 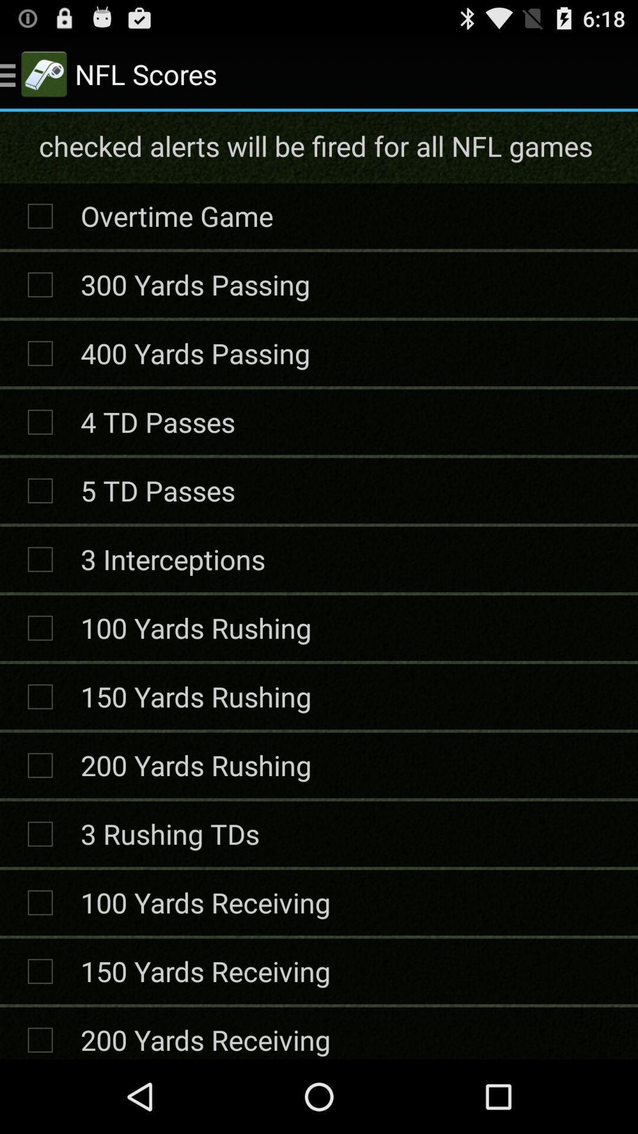 I want to click on checkbpox left to 100 yards rushing, so click(x=40, y=628).